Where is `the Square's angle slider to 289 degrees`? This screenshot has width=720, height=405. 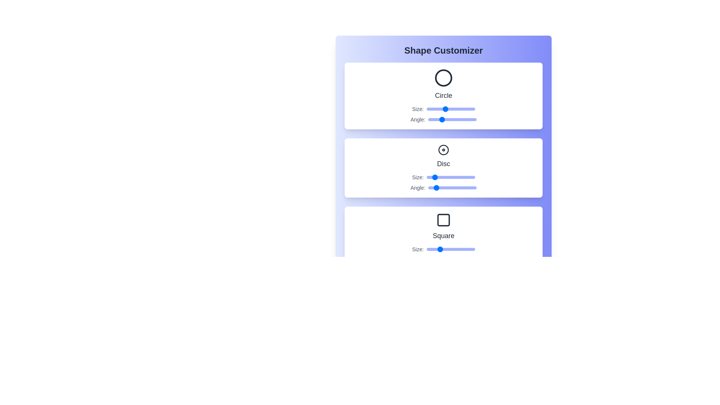
the Square's angle slider to 289 degrees is located at coordinates (466, 259).